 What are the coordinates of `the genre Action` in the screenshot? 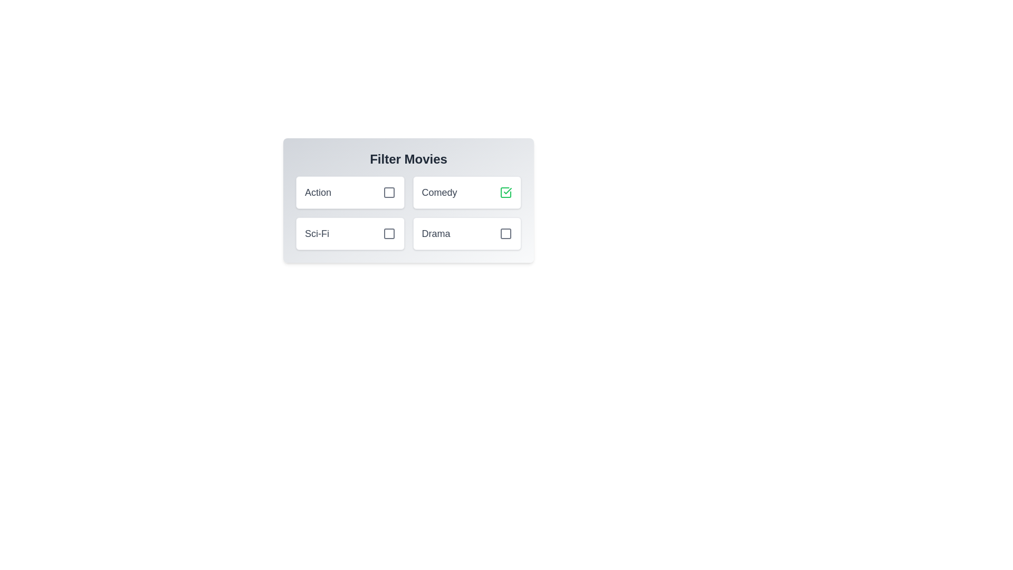 It's located at (388, 193).